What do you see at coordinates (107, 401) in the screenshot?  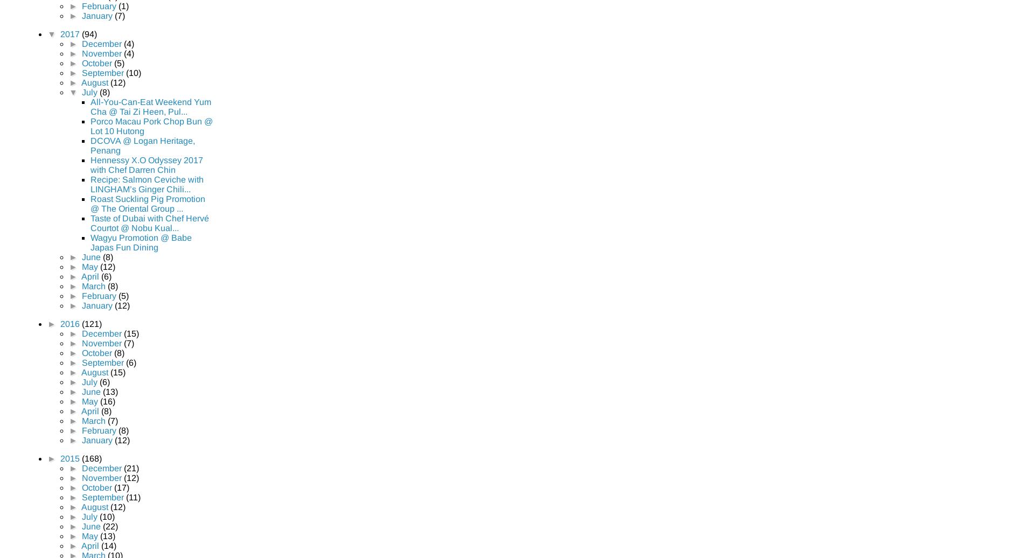 I see `'(16)'` at bounding box center [107, 401].